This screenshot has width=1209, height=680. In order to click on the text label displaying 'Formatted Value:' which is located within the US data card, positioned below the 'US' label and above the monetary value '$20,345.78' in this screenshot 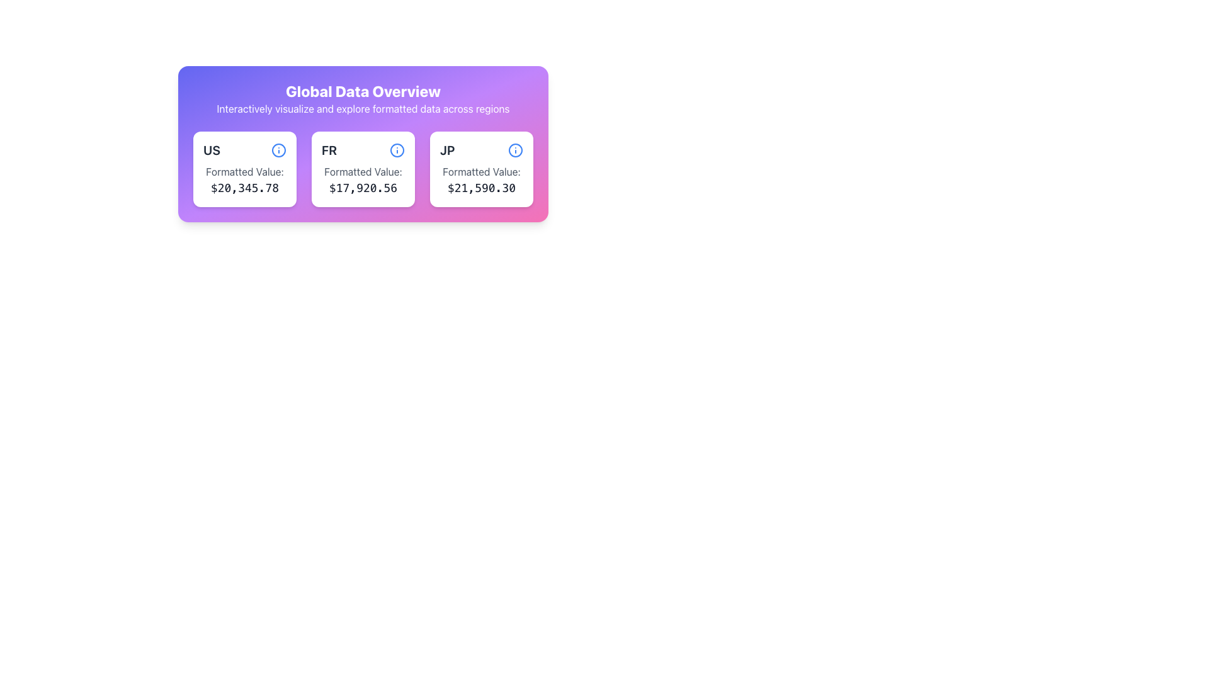, I will do `click(244, 172)`.